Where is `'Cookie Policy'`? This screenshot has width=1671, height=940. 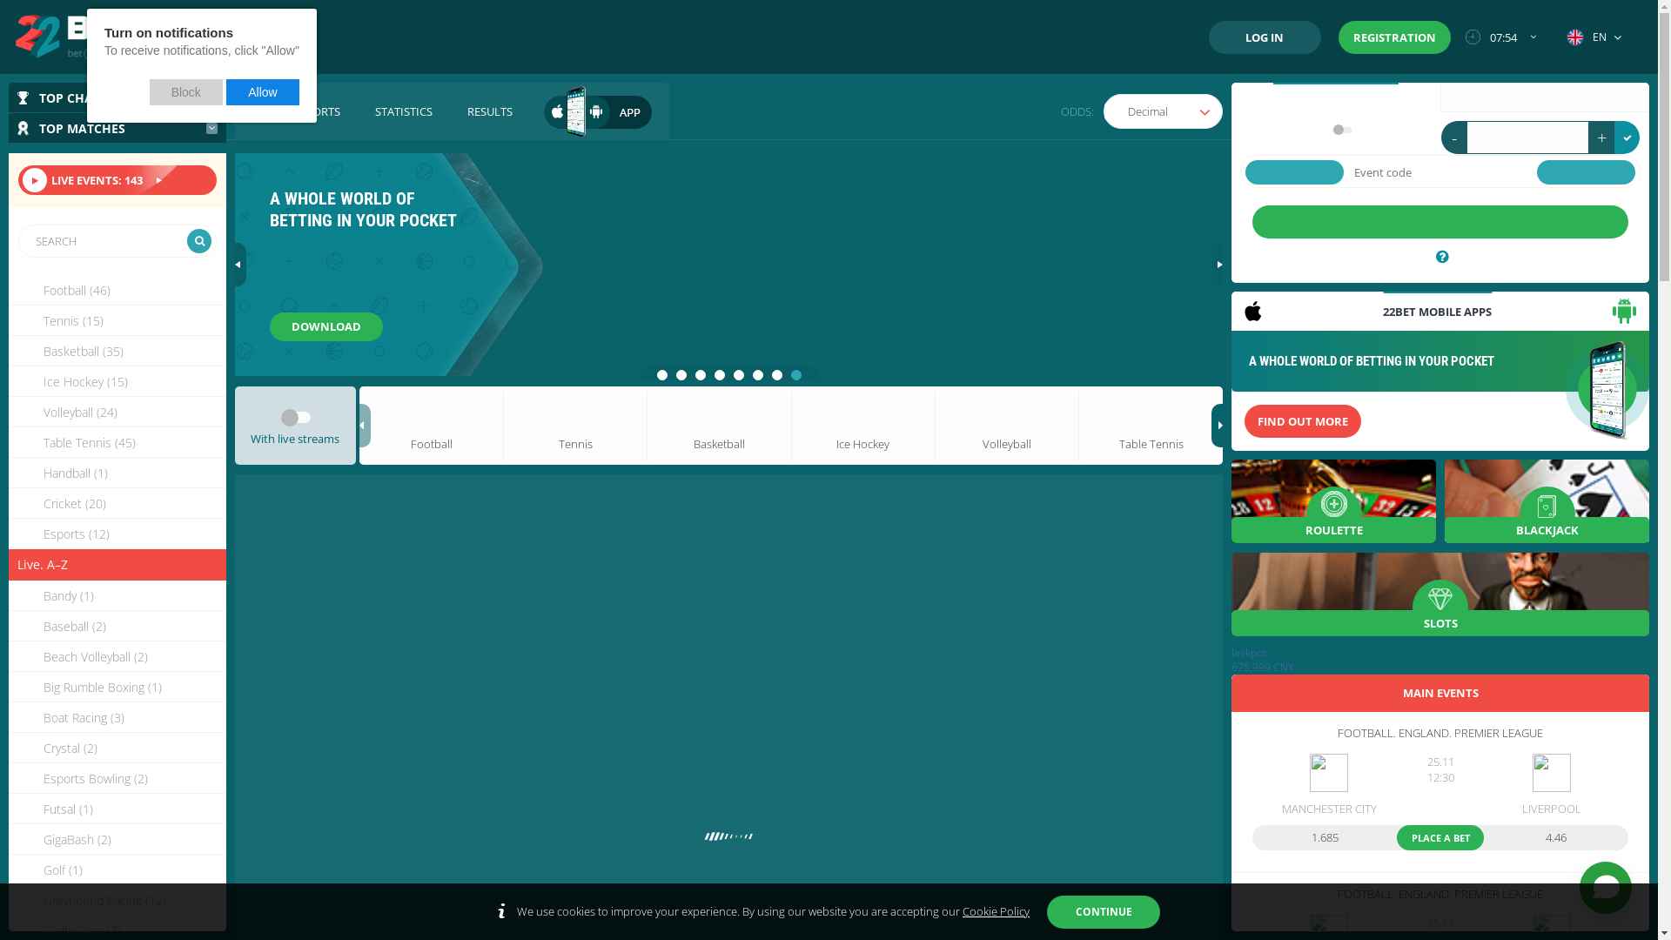 'Cookie Policy' is located at coordinates (961, 910).